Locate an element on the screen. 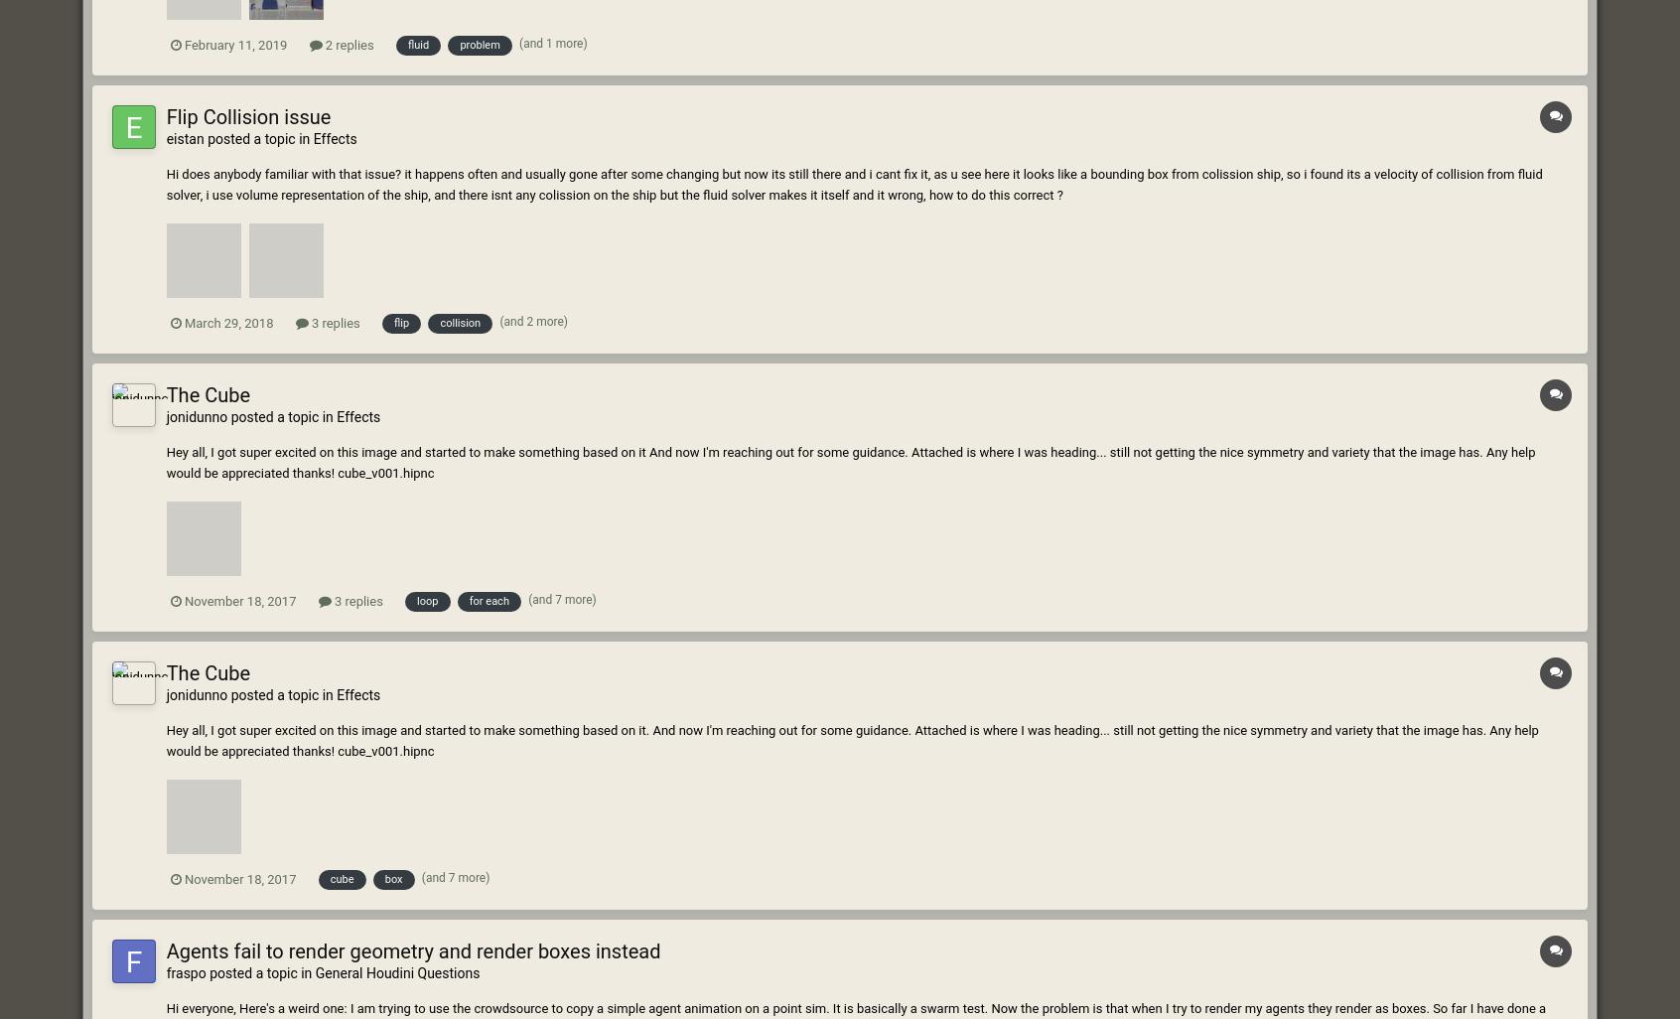 The image size is (1680, 1019). '2 replies' is located at coordinates (347, 44).